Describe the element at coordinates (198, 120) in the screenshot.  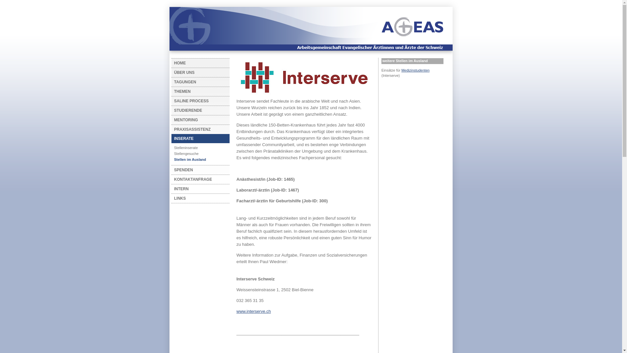
I see `'MENTORING'` at that location.